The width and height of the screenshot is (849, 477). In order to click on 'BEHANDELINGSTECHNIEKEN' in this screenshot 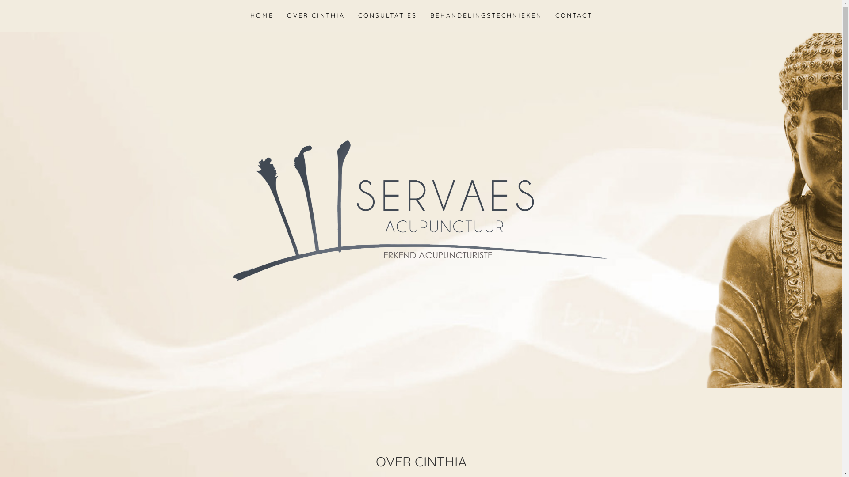, I will do `click(486, 15)`.